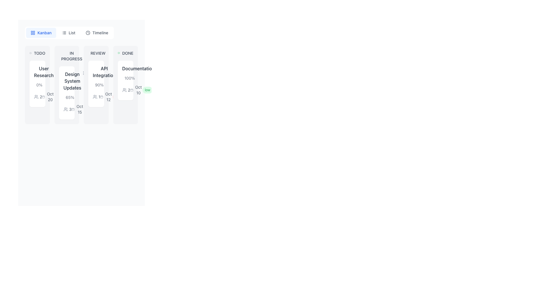  I want to click on numeric indicator on the user icon located at the top-left corner of the 'API Integration' card in the 'REVIEW' column of the kanban board interface, so click(97, 97).